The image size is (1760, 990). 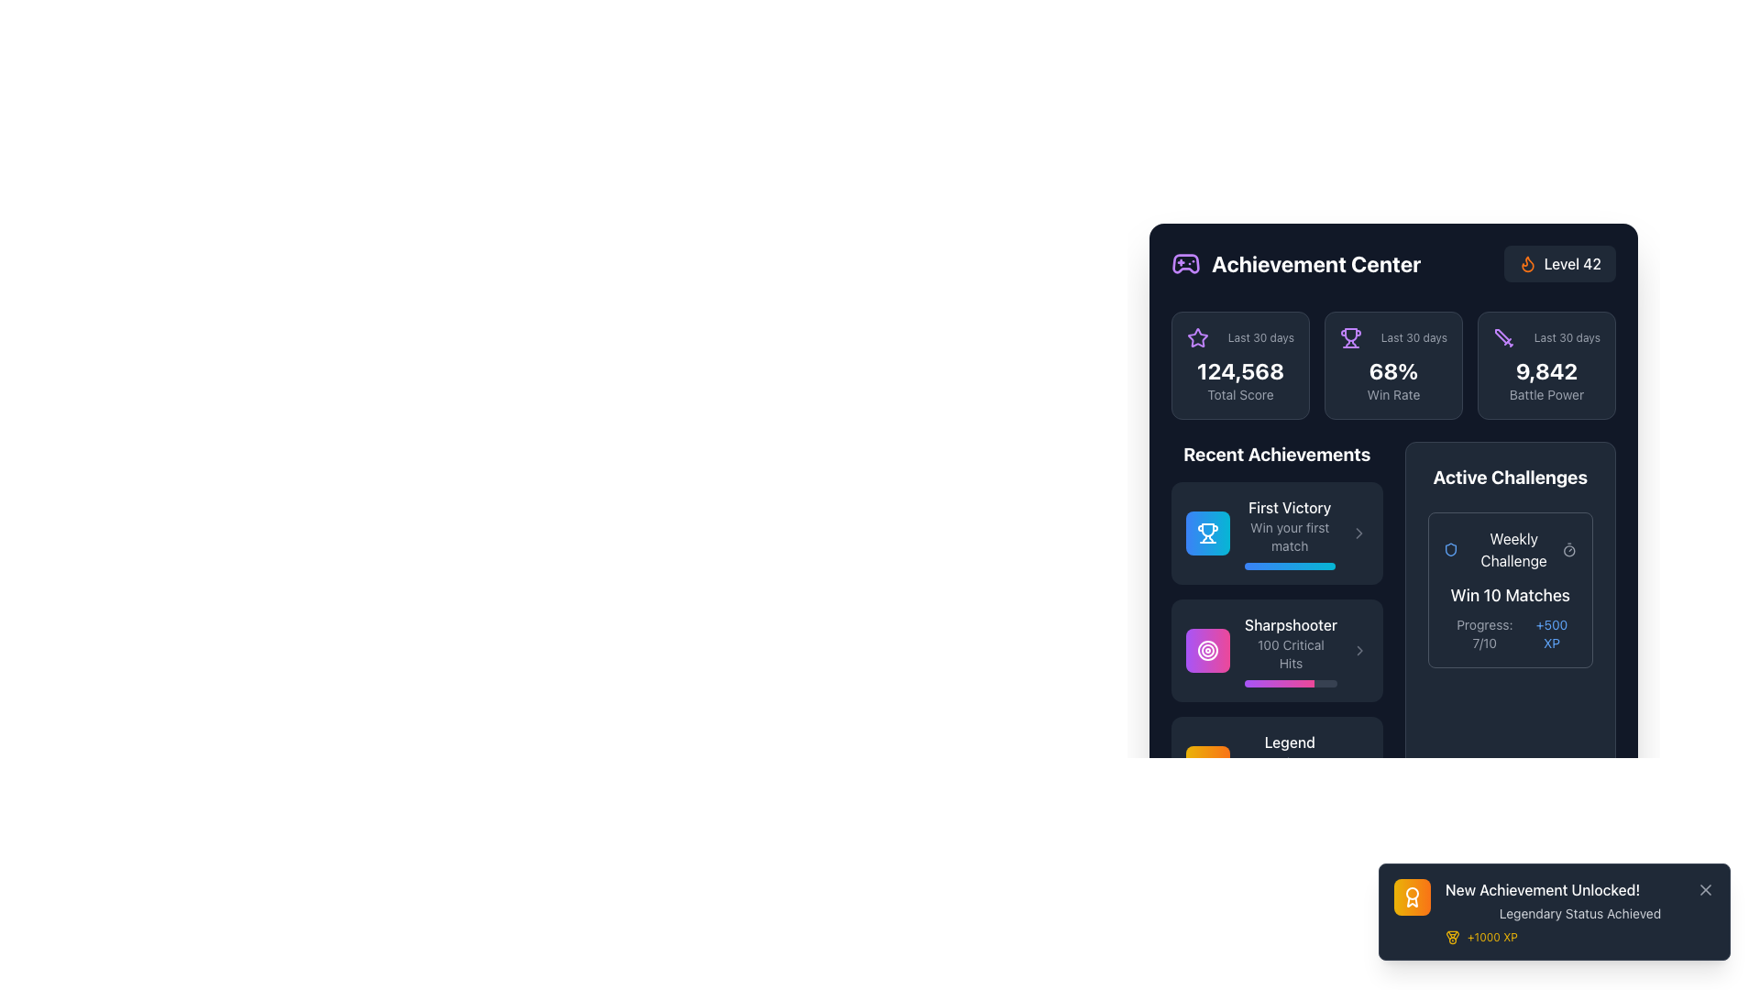 What do you see at coordinates (1545, 338) in the screenshot?
I see `the 'Last 30 days' text label with a sword icon, which is located in the top section of a card displaying metrics` at bounding box center [1545, 338].